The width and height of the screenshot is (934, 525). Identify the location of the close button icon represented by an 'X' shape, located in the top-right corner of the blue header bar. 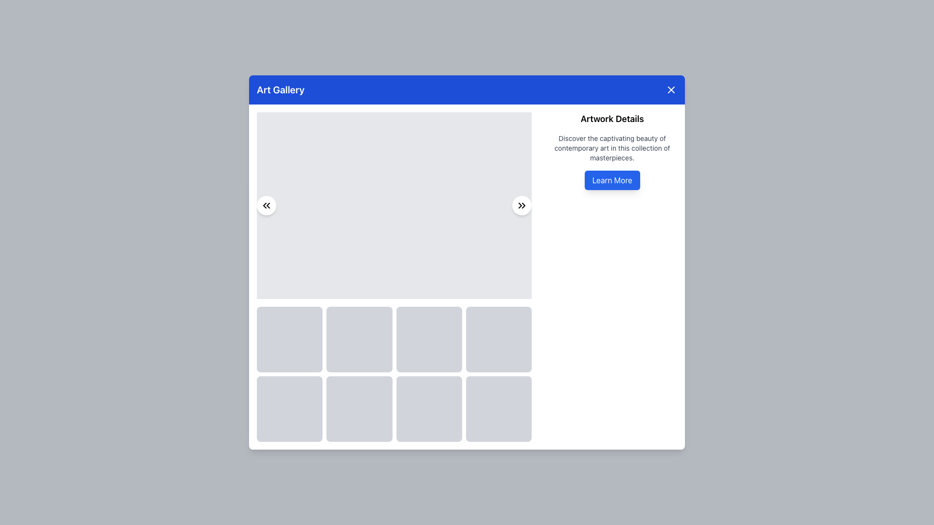
(671, 89).